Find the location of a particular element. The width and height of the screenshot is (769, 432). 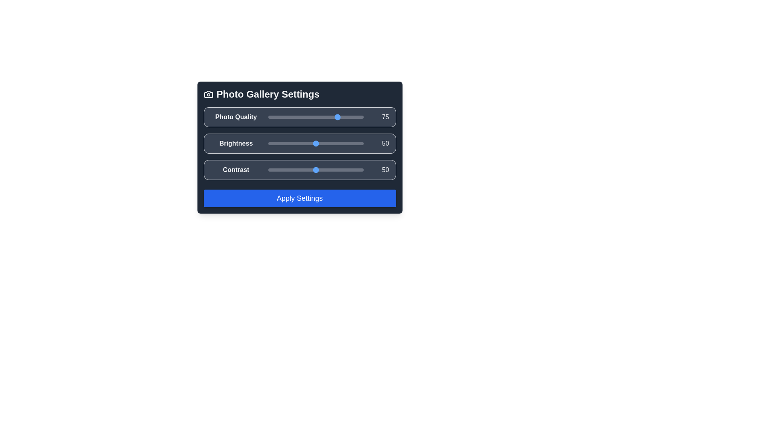

the contrast level is located at coordinates (352, 169).